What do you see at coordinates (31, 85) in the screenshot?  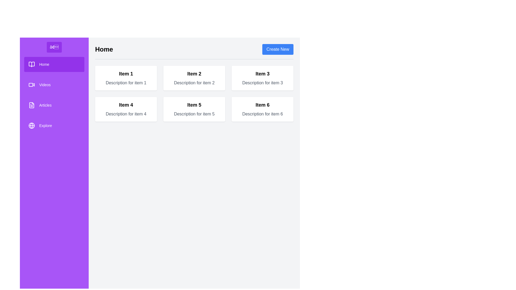 I see `the 'Videos' section icon located in the sidebar navigation menu above the 'Videos' label` at bounding box center [31, 85].